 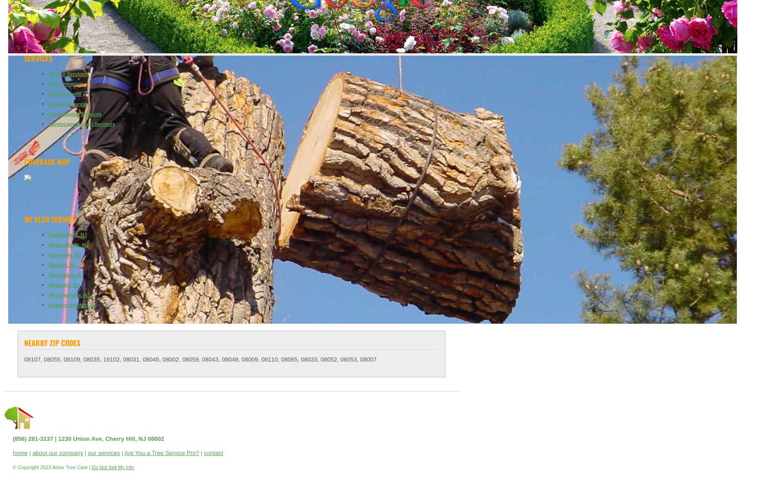 I want to click on 'We Also Service', so click(x=49, y=219).